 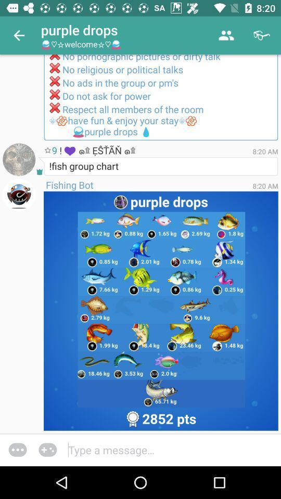 What do you see at coordinates (16, 449) in the screenshot?
I see `the more icon` at bounding box center [16, 449].